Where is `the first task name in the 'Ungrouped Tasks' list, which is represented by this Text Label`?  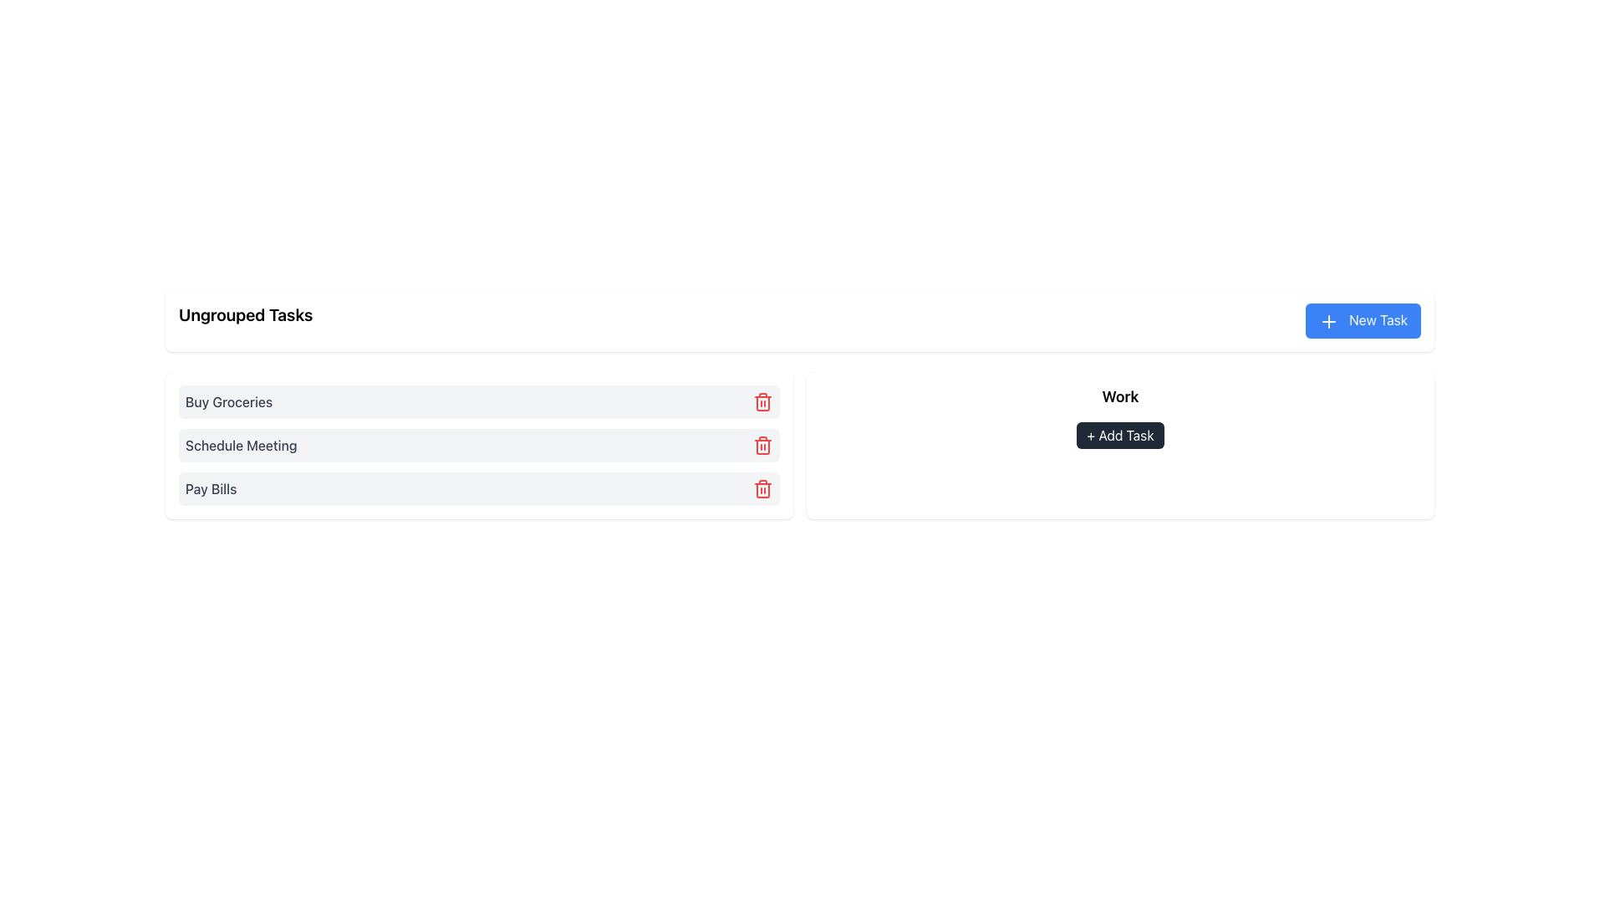 the first task name in the 'Ungrouped Tasks' list, which is represented by this Text Label is located at coordinates (228, 401).